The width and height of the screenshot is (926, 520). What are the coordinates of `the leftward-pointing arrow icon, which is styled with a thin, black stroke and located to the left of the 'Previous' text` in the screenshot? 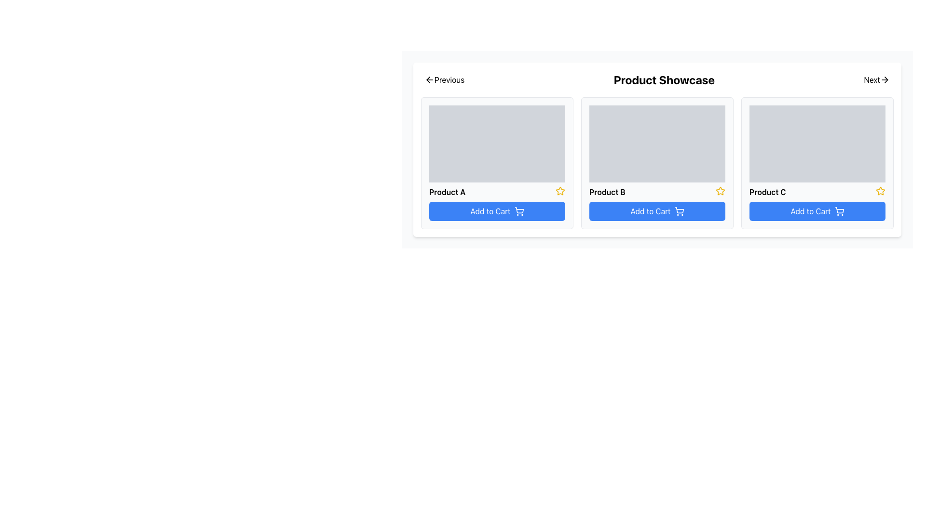 It's located at (429, 79).